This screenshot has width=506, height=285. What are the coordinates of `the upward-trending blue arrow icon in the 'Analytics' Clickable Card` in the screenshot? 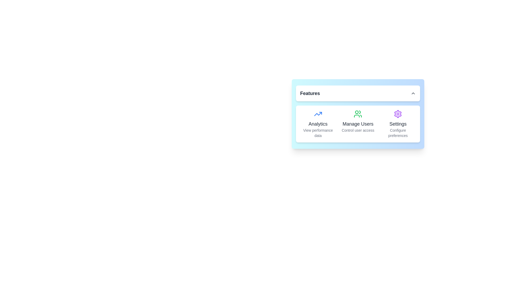 It's located at (318, 124).